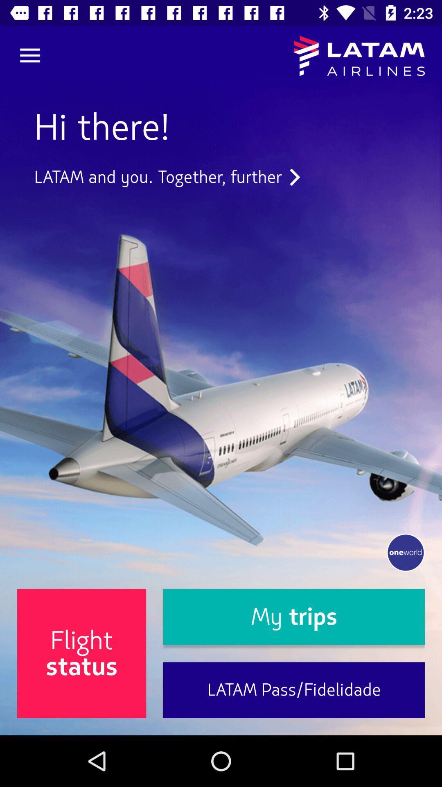 This screenshot has height=787, width=442. What do you see at coordinates (293, 617) in the screenshot?
I see `icon next to the flight` at bounding box center [293, 617].